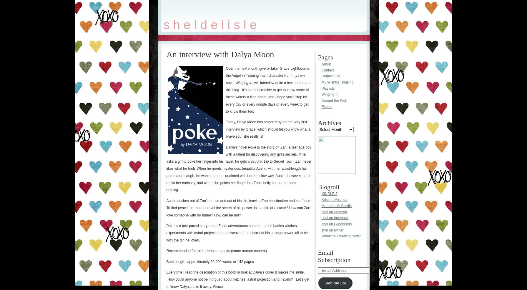 Image resolution: width=527 pixels, height=290 pixels. I want to click on 'Kristina Miranda', so click(334, 199).